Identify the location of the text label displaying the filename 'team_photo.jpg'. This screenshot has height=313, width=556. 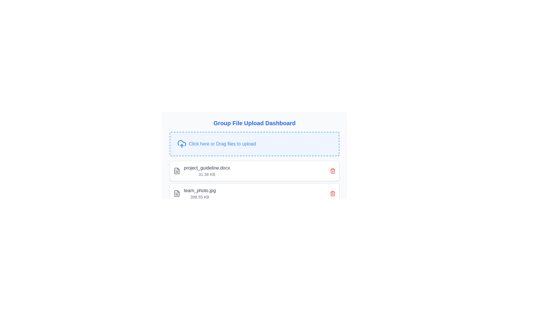
(200, 191).